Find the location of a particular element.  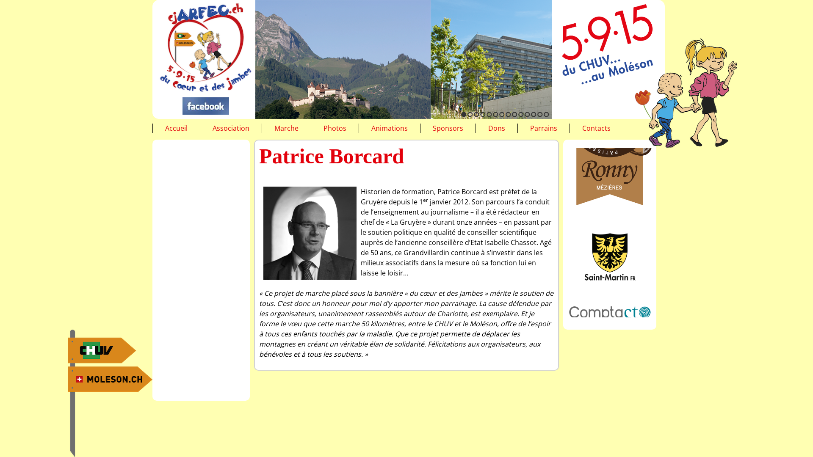

'11' is located at coordinates (527, 114).